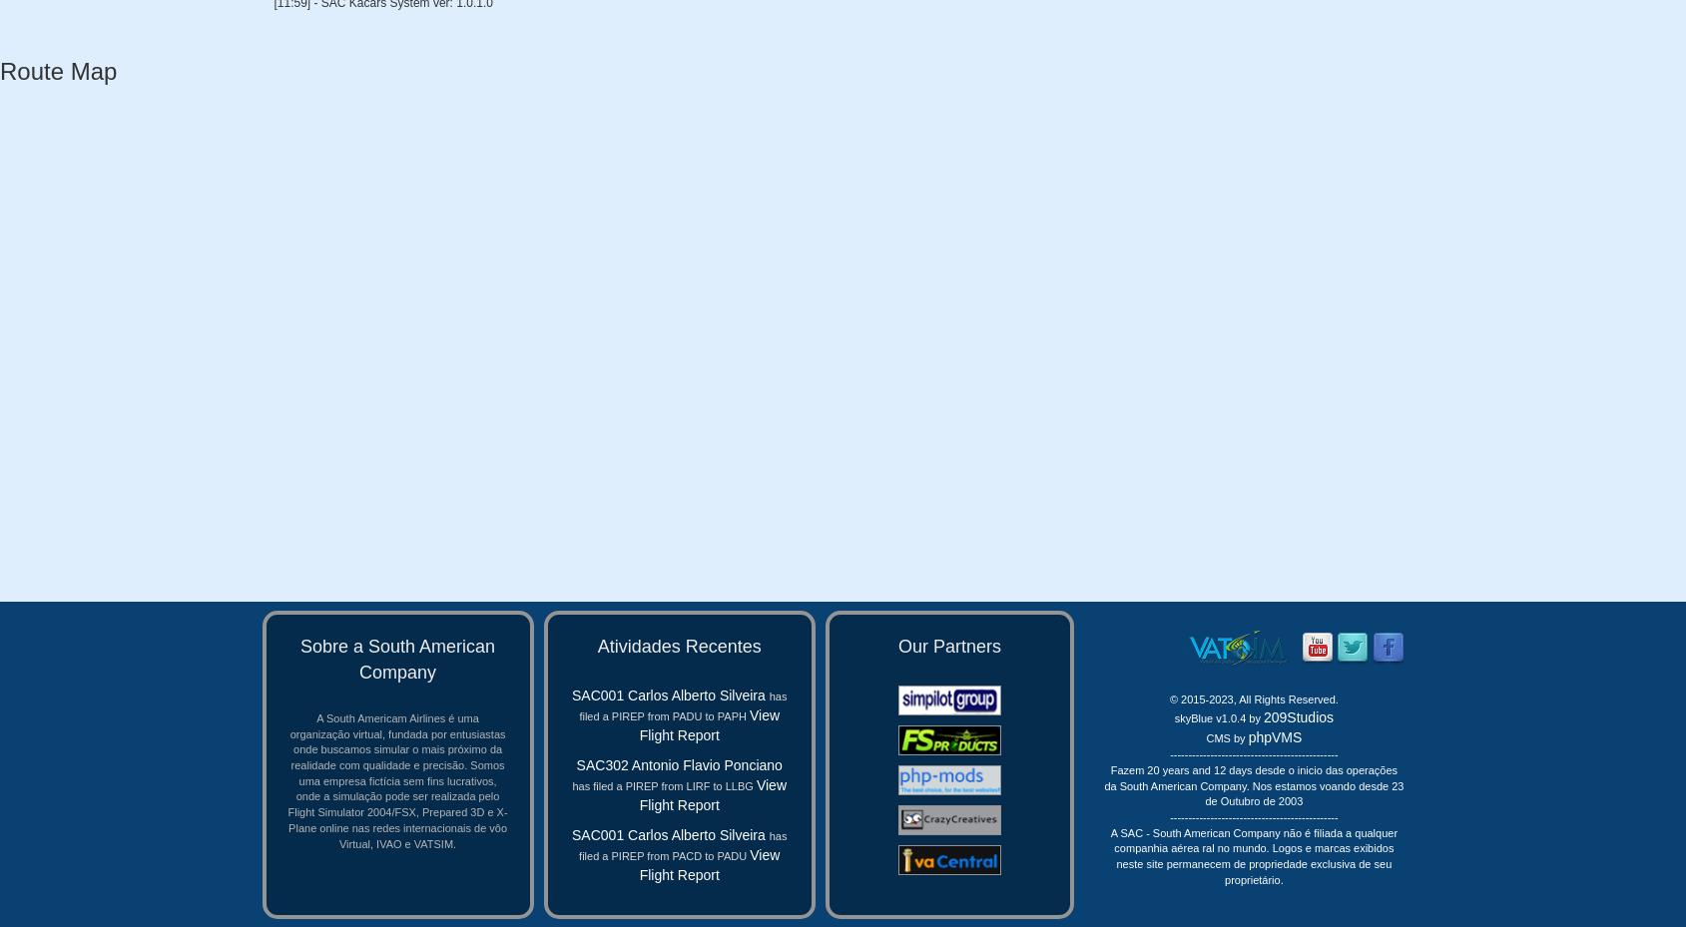 This screenshot has height=927, width=1686. What do you see at coordinates (57, 70) in the screenshot?
I see `'Route Map'` at bounding box center [57, 70].